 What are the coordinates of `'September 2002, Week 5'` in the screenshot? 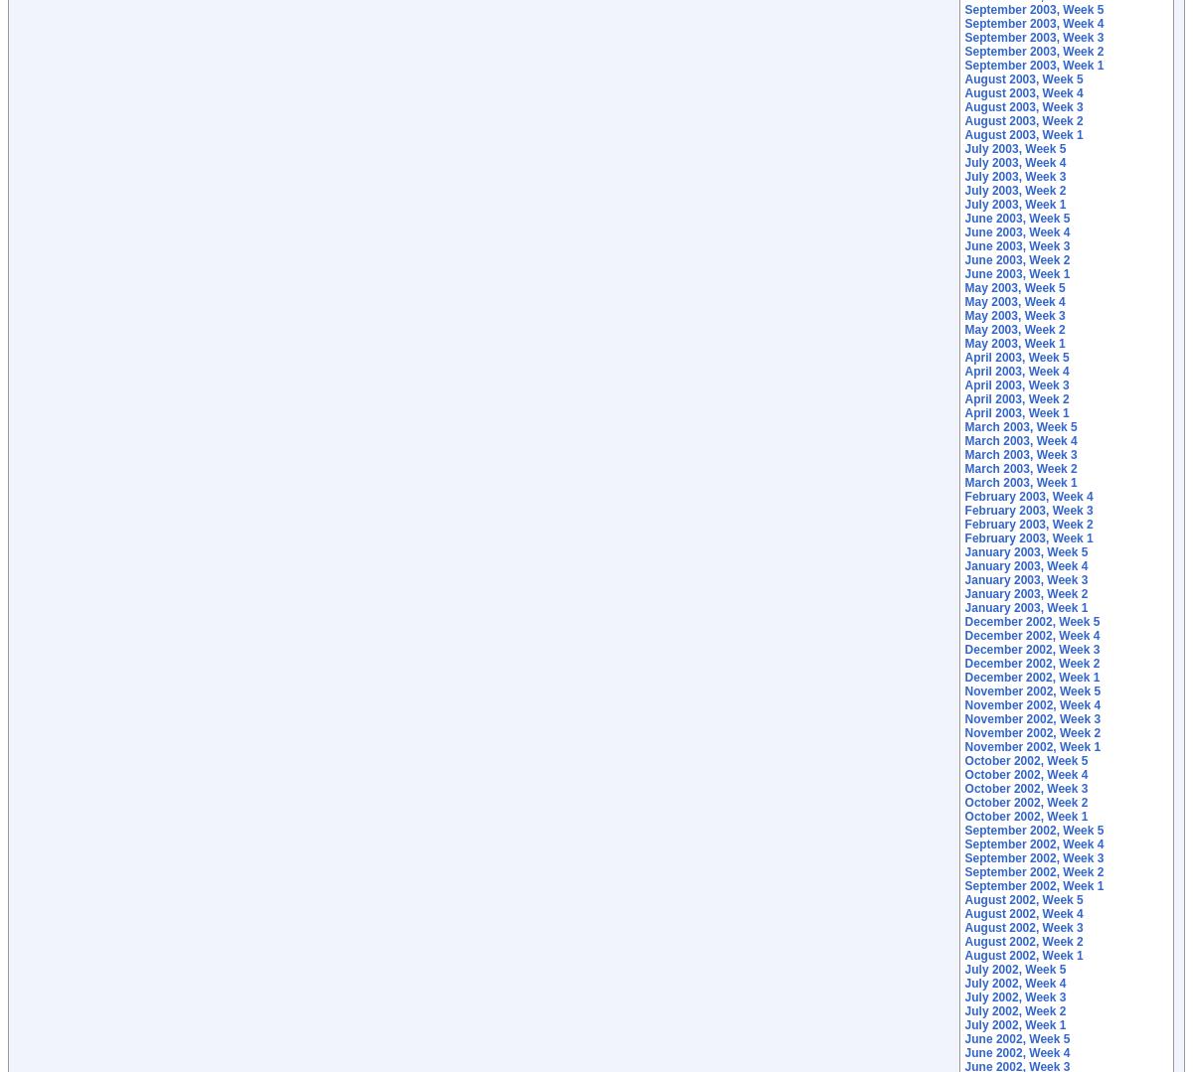 It's located at (1034, 831).